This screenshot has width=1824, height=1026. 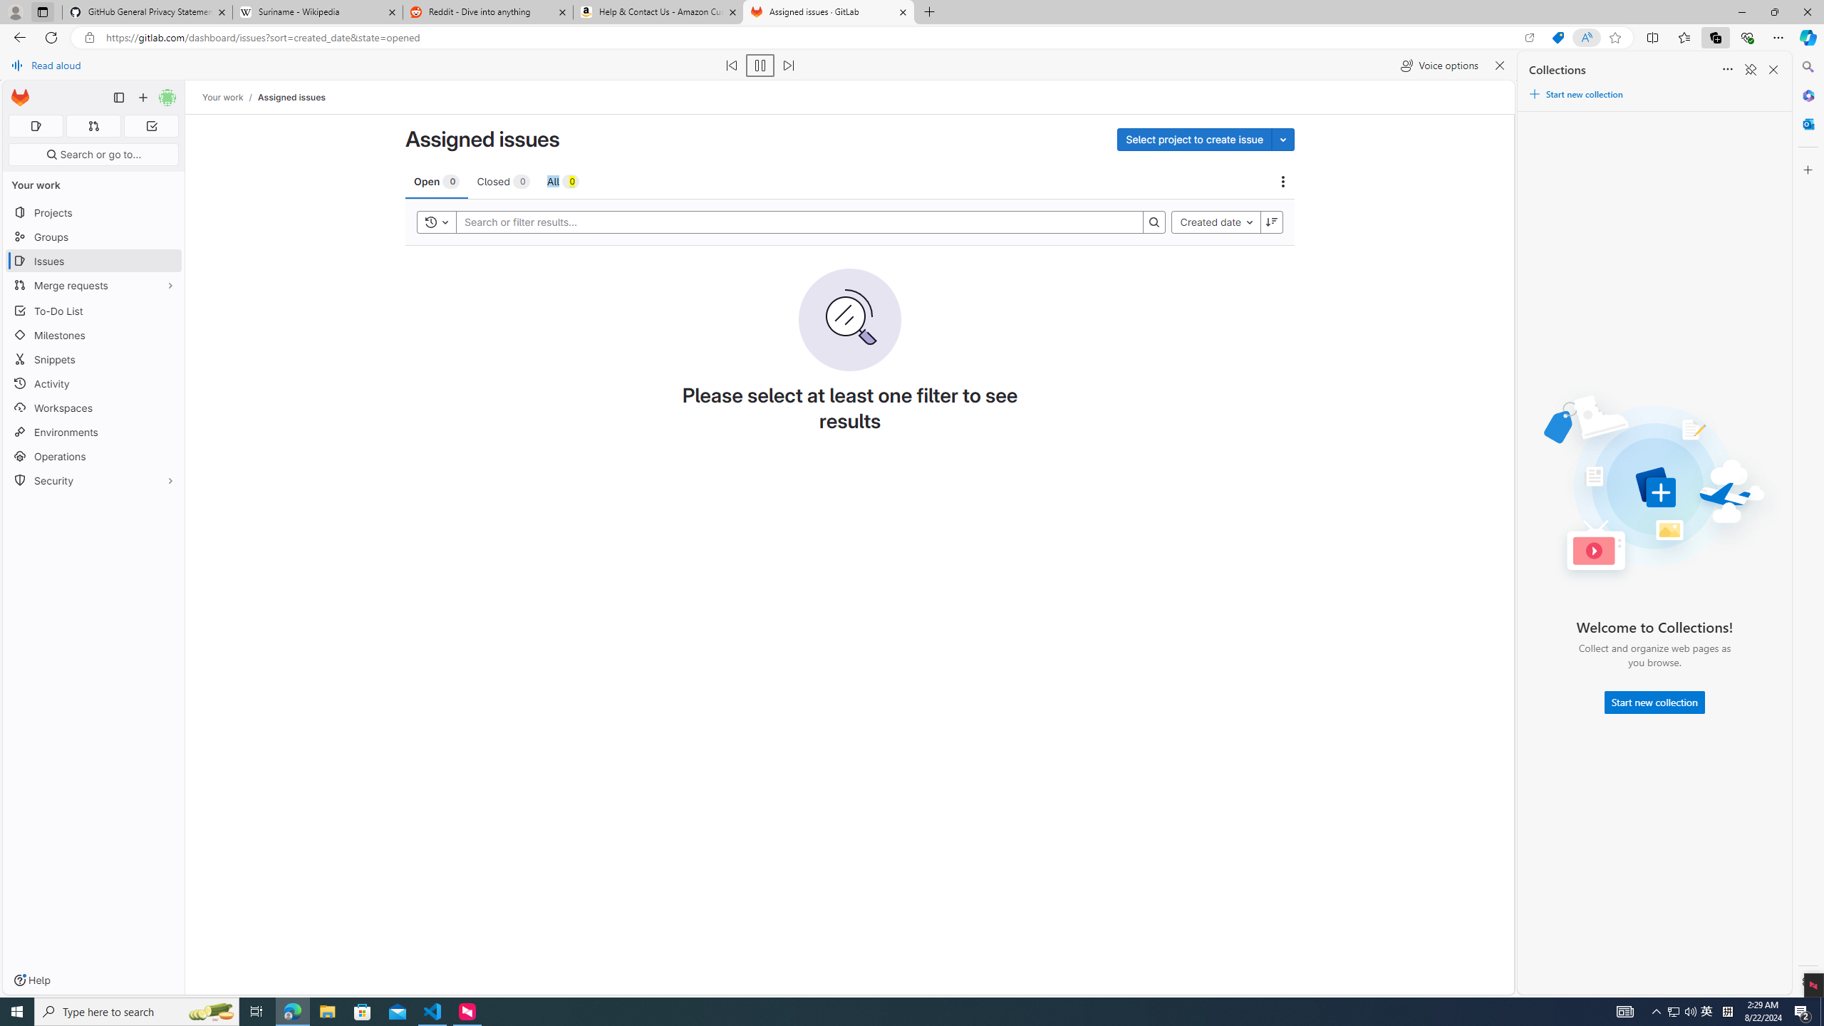 What do you see at coordinates (93, 382) in the screenshot?
I see `'Activity'` at bounding box center [93, 382].